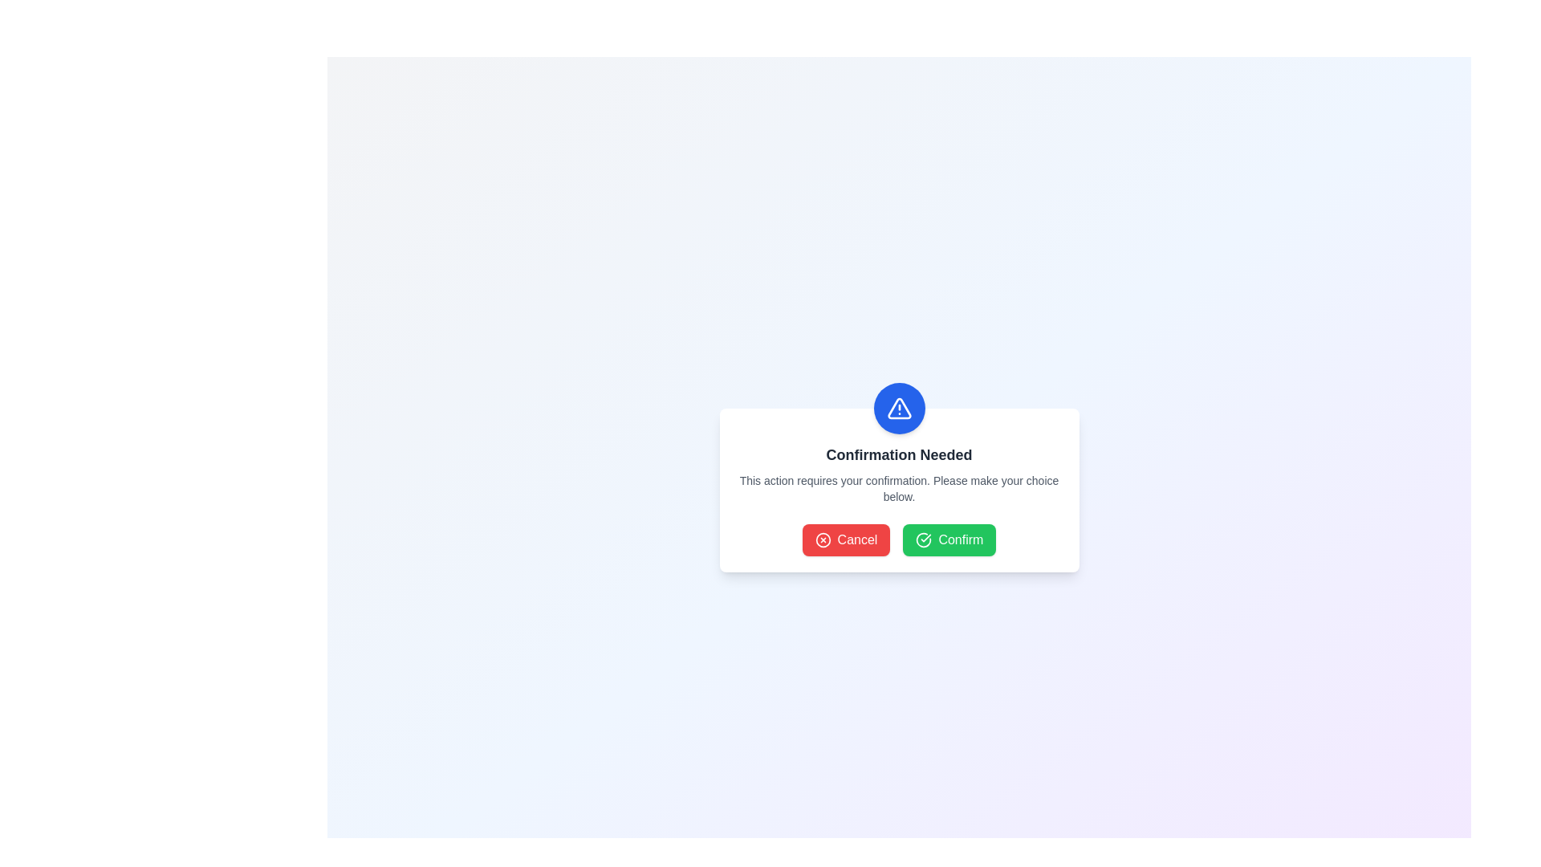 The height and width of the screenshot is (867, 1541). Describe the element at coordinates (823, 539) in the screenshot. I see `the circular 'X' icon with a red background inside the 'Cancel' button, located to the left of the text label 'Cancel'` at that location.